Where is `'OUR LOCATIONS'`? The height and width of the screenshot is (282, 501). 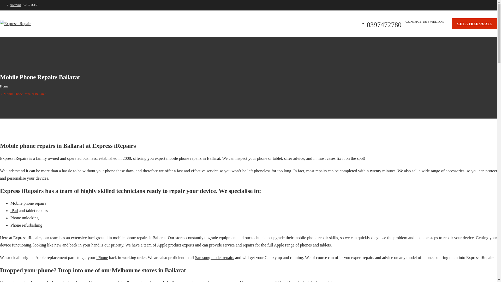
'OUR LOCATIONS' is located at coordinates (96, 44).